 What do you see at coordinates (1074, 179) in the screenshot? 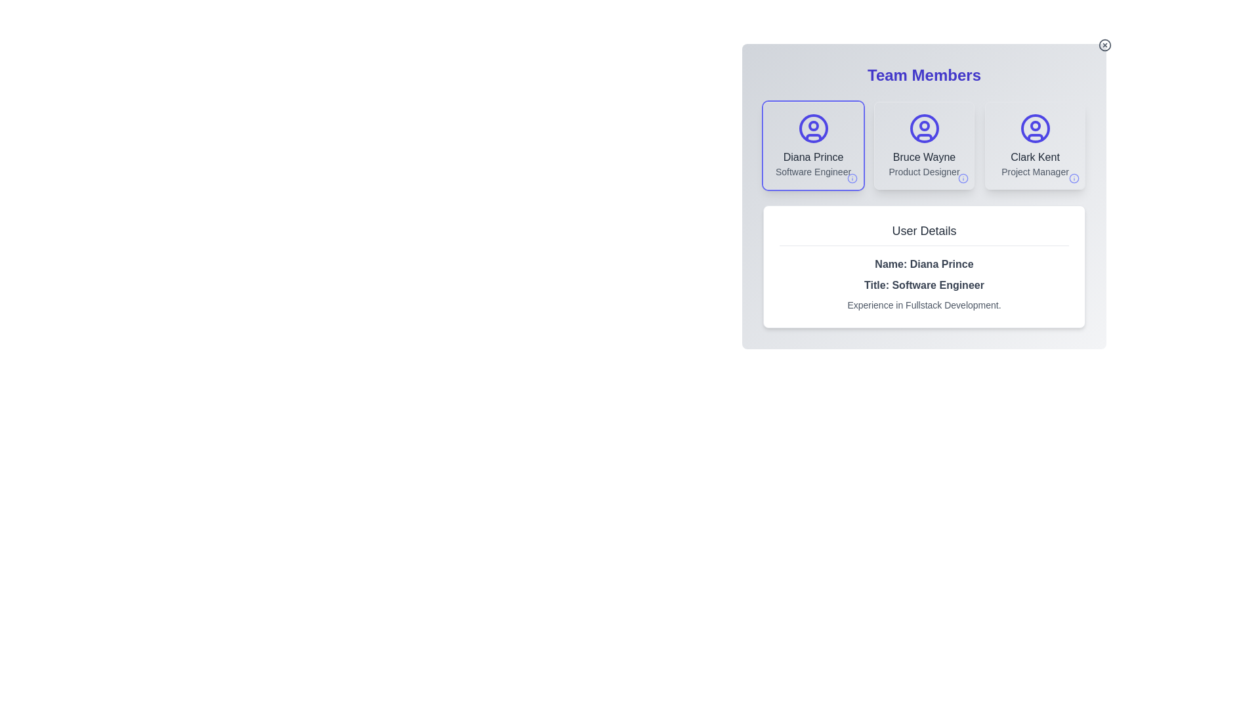
I see `the information icon located at the bottom-right corner of the 'Clark Kent' card (Project Manager)` at bounding box center [1074, 179].